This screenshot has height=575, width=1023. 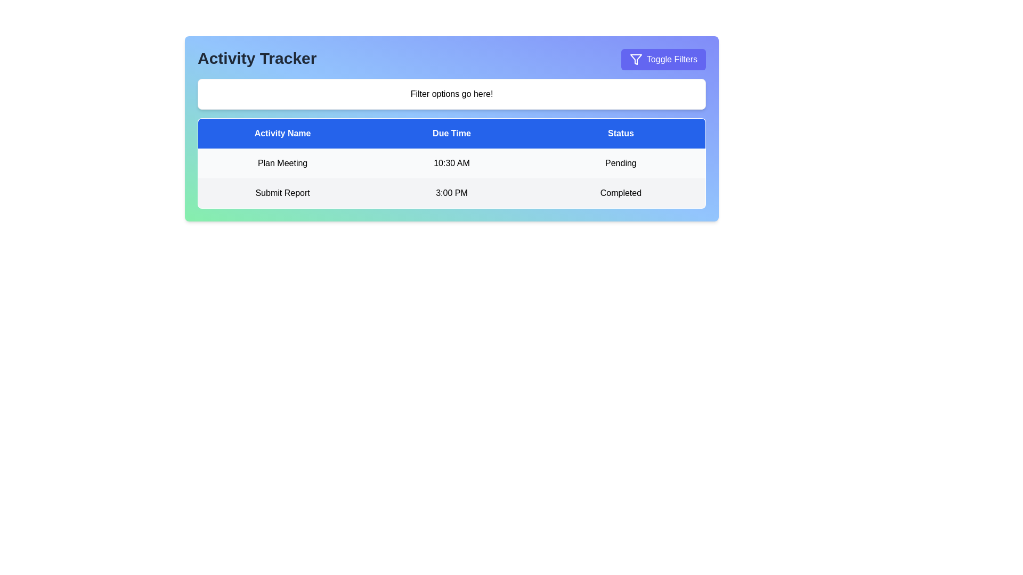 What do you see at coordinates (621, 163) in the screenshot?
I see `the 'Pending' status label in the 'Status' column of the 'Plan Meeting' activity, which is displayed in black text on a white background` at bounding box center [621, 163].